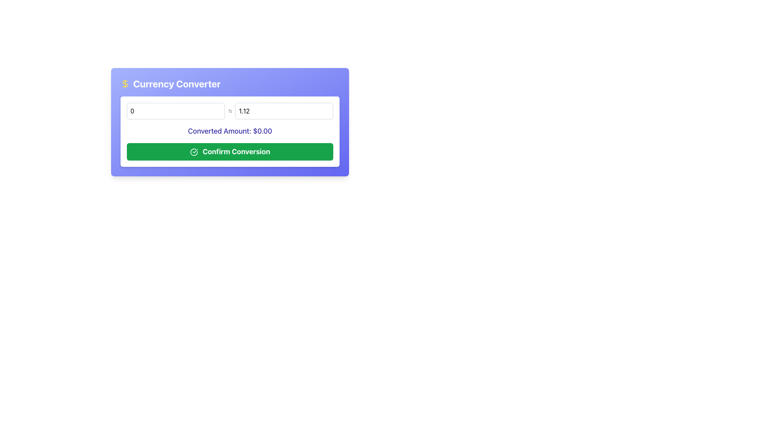  Describe the element at coordinates (284, 111) in the screenshot. I see `the Number Input Field` at that location.